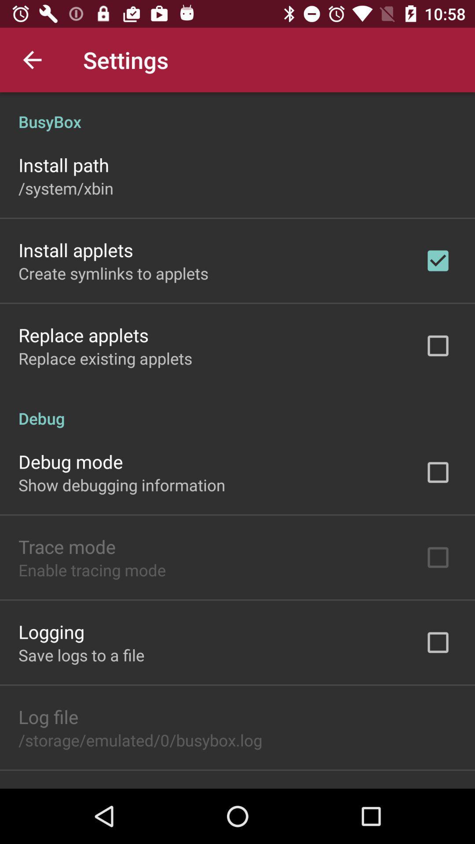  I want to click on the item above create symlinks to, so click(75, 249).